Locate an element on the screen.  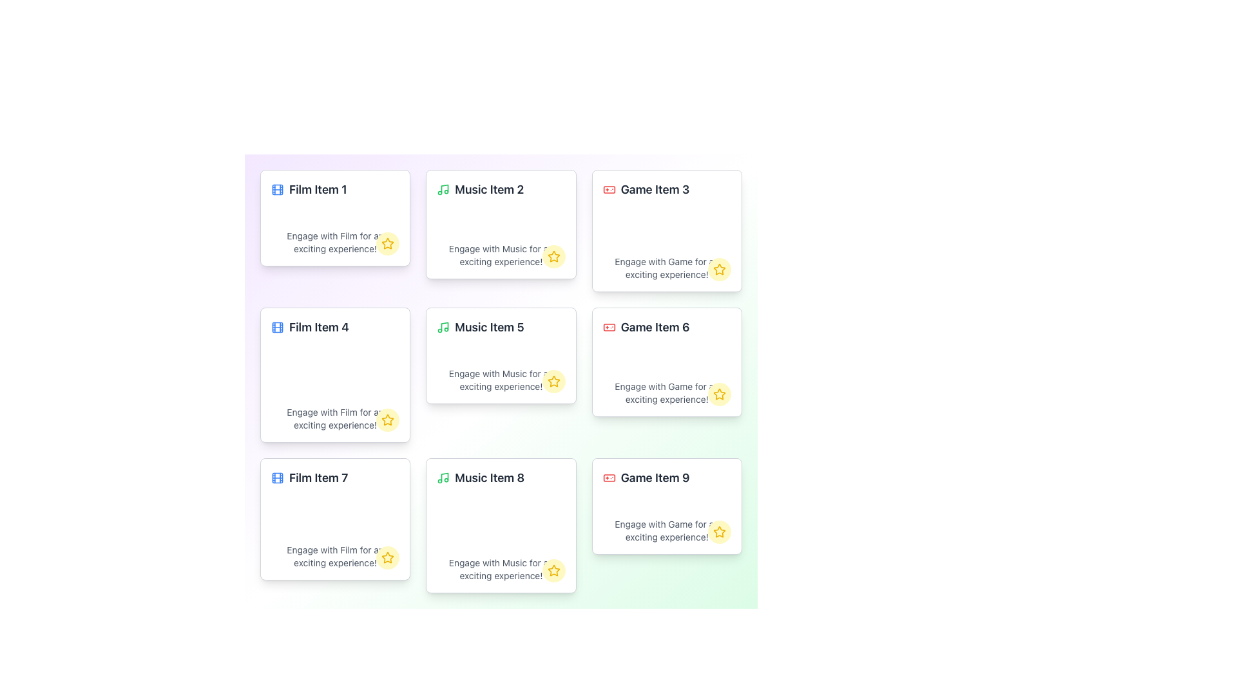
the 'Music Item 8' label, which is a Text with Icon element positioned in the middle column of the bottom row in a grid layout is located at coordinates (500, 478).